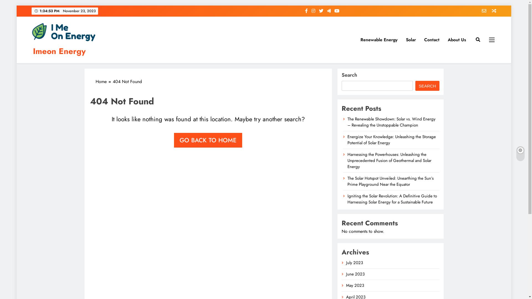 The width and height of the screenshot is (532, 299). I want to click on 'Renewable Energy', so click(356, 39).